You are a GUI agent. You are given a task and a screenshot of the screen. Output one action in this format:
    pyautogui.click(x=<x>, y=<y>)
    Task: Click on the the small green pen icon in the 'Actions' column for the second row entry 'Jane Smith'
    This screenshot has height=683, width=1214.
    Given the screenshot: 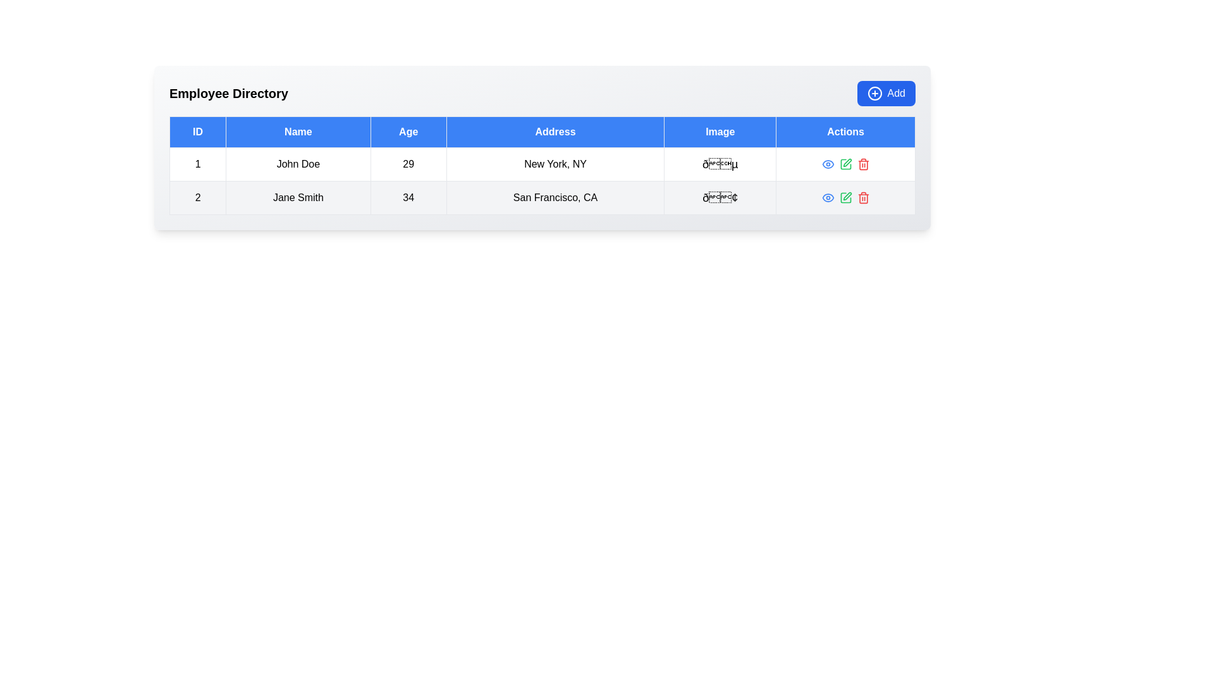 What is the action you would take?
    pyautogui.click(x=847, y=162)
    